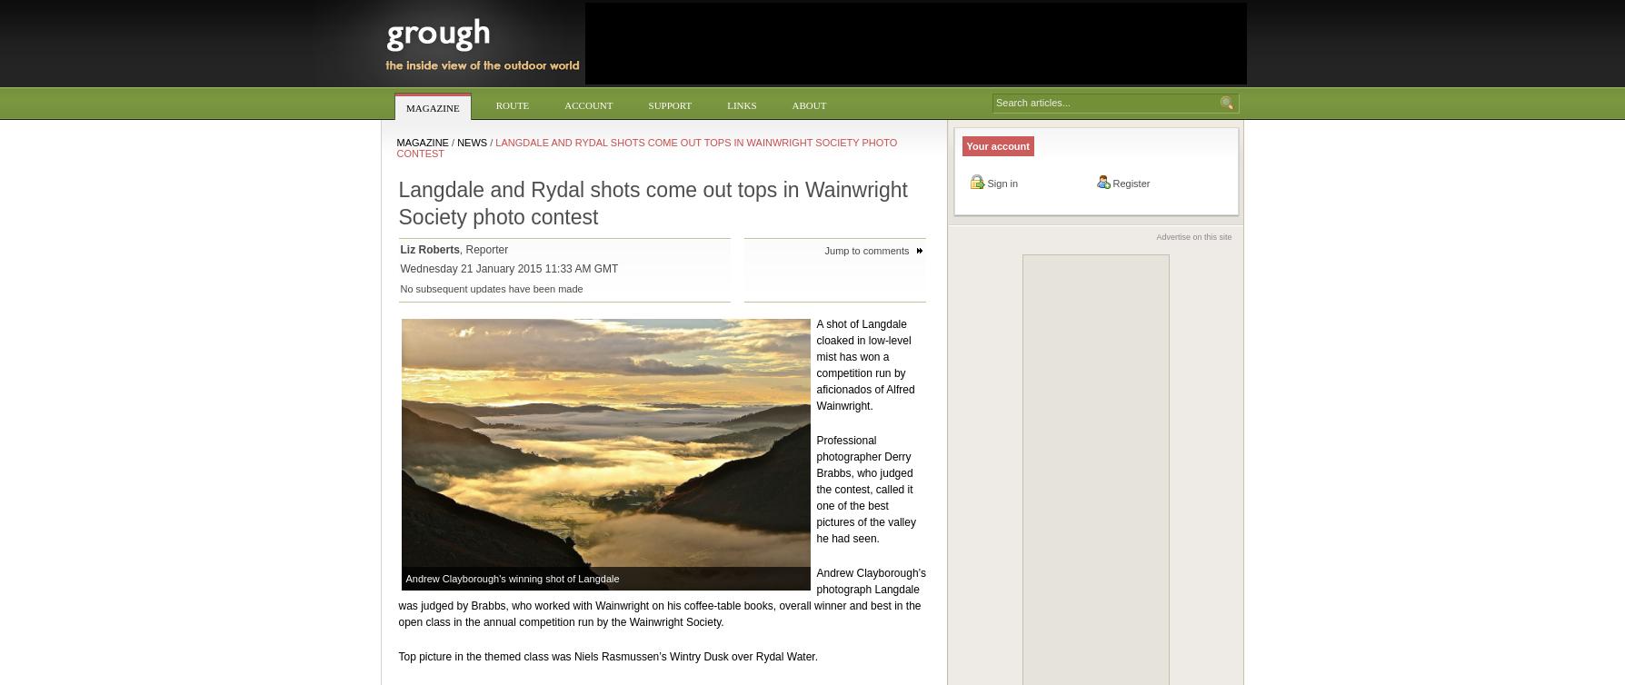 The height and width of the screenshot is (685, 1625). I want to click on 'Your account', so click(997, 145).